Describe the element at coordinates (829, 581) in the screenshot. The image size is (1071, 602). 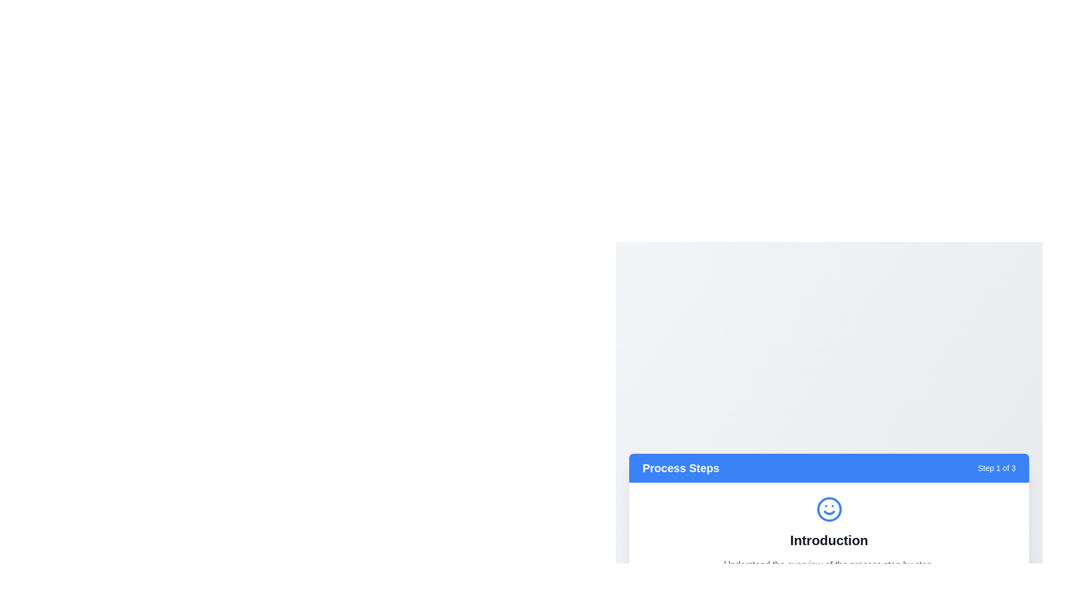
I see `the Progress bar located at the bottom of the 'Introduction' section, which visually represents the current progress of approximately one-third` at that location.